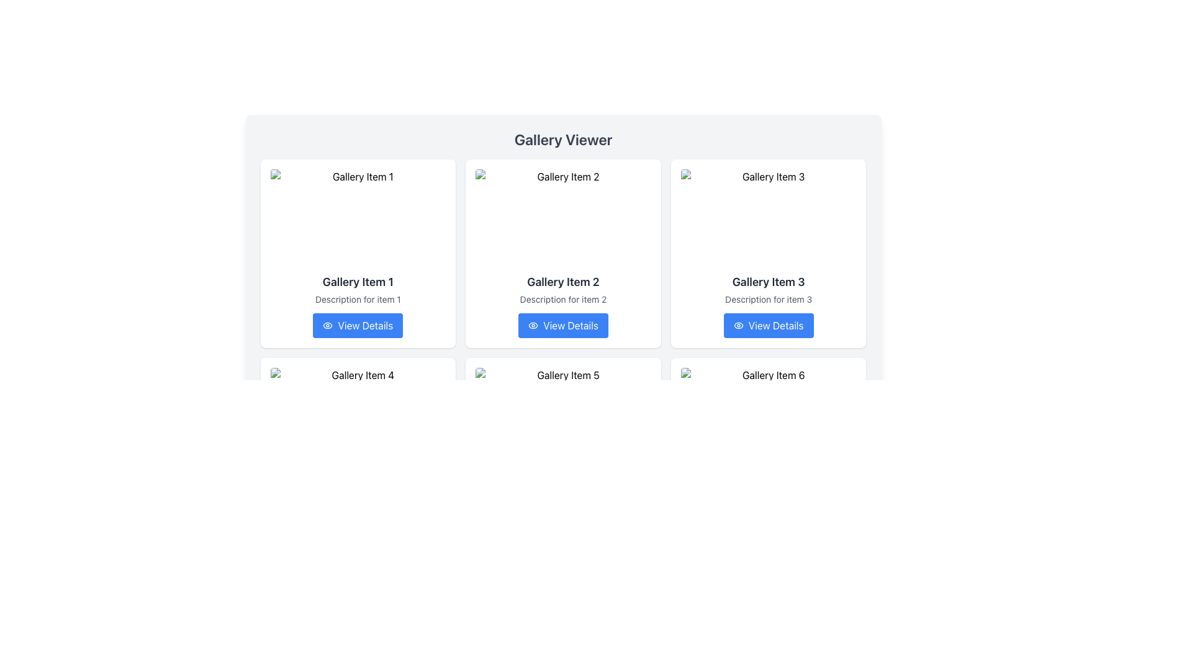 This screenshot has height=670, width=1192. Describe the element at coordinates (357, 282) in the screenshot. I see `the static text label displaying 'Gallery Item 1', which is the title of the first card in the gallery layout` at that location.